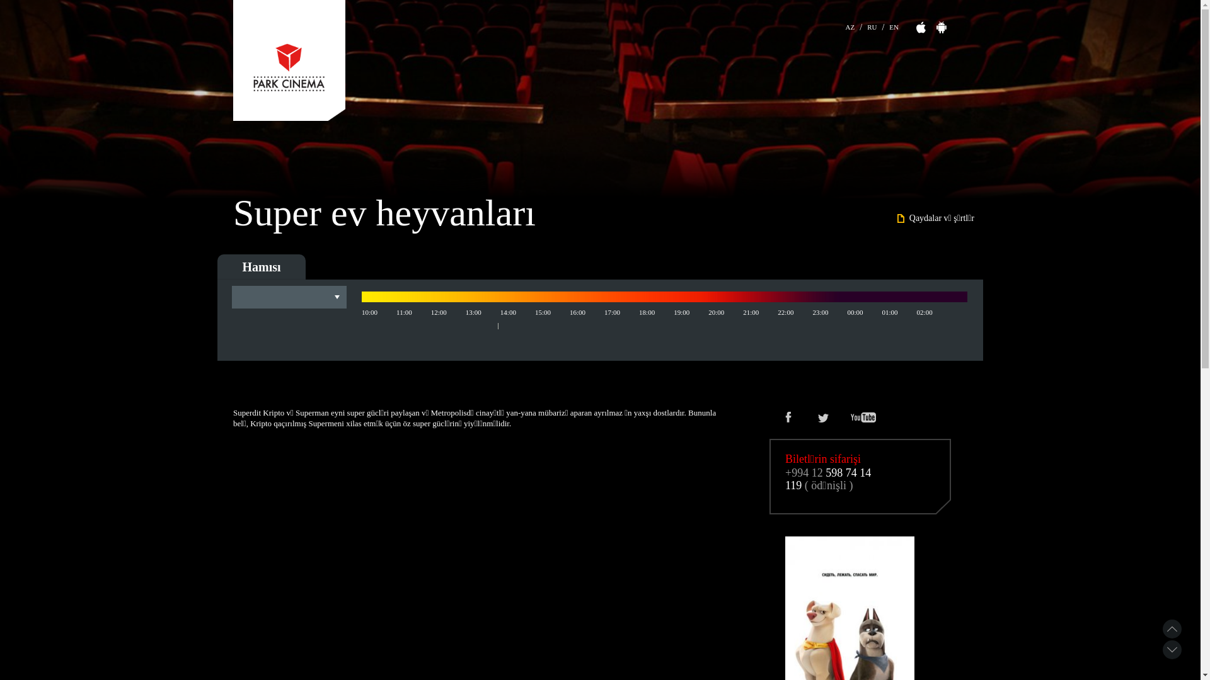 The image size is (1210, 680). Describe the element at coordinates (893, 25) in the screenshot. I see `'EN'` at that location.